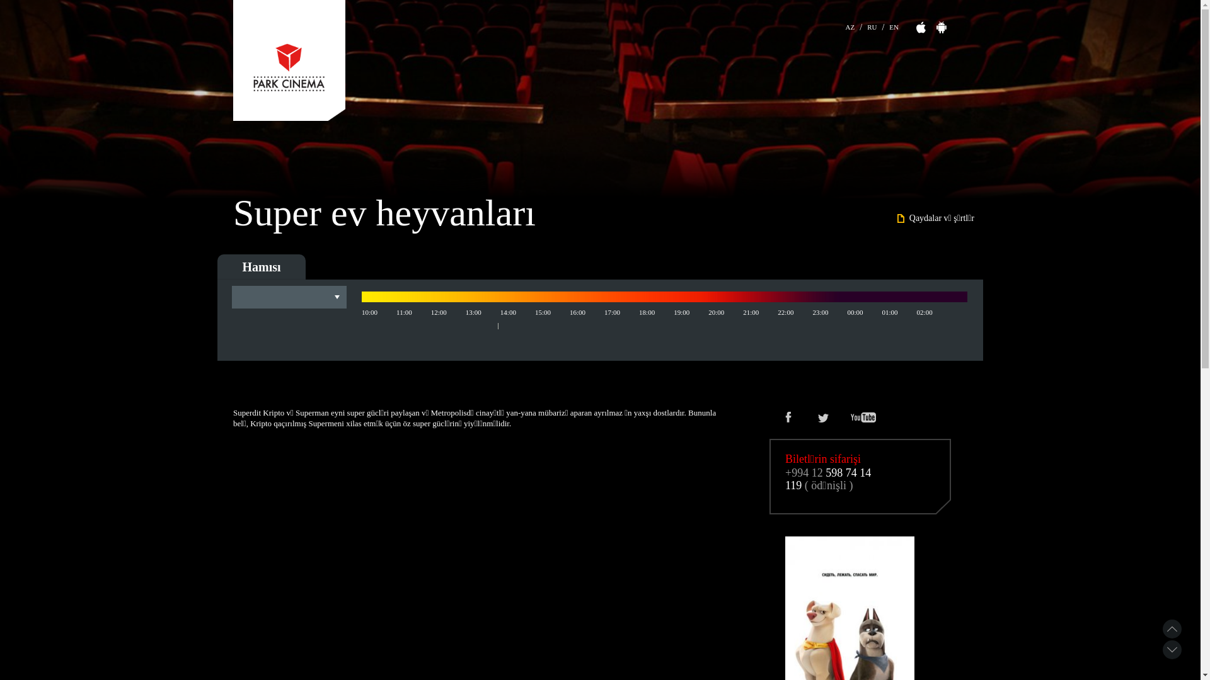 The image size is (1210, 680). Describe the element at coordinates (893, 25) in the screenshot. I see `'EN'` at that location.